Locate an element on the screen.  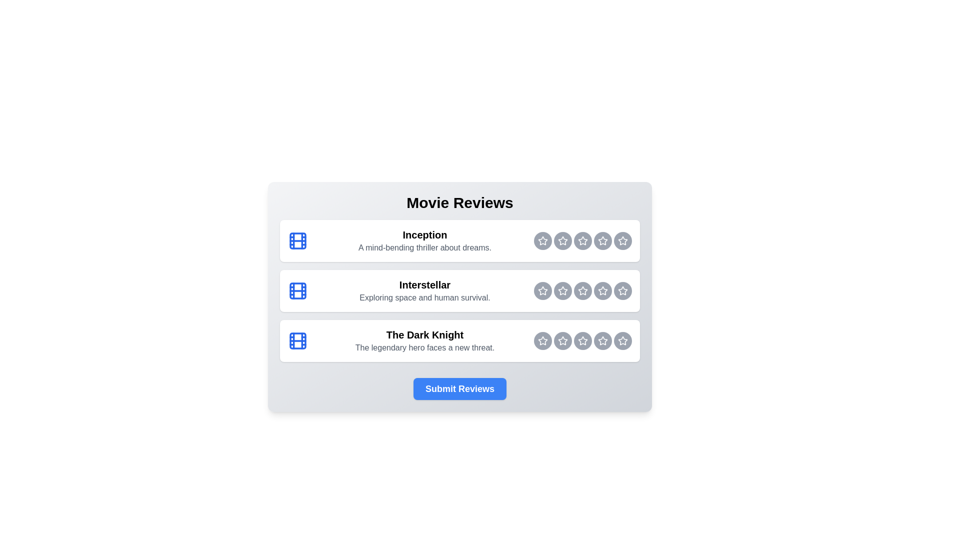
the rating button for Interstellar at 3 stars is located at coordinates (583, 291).